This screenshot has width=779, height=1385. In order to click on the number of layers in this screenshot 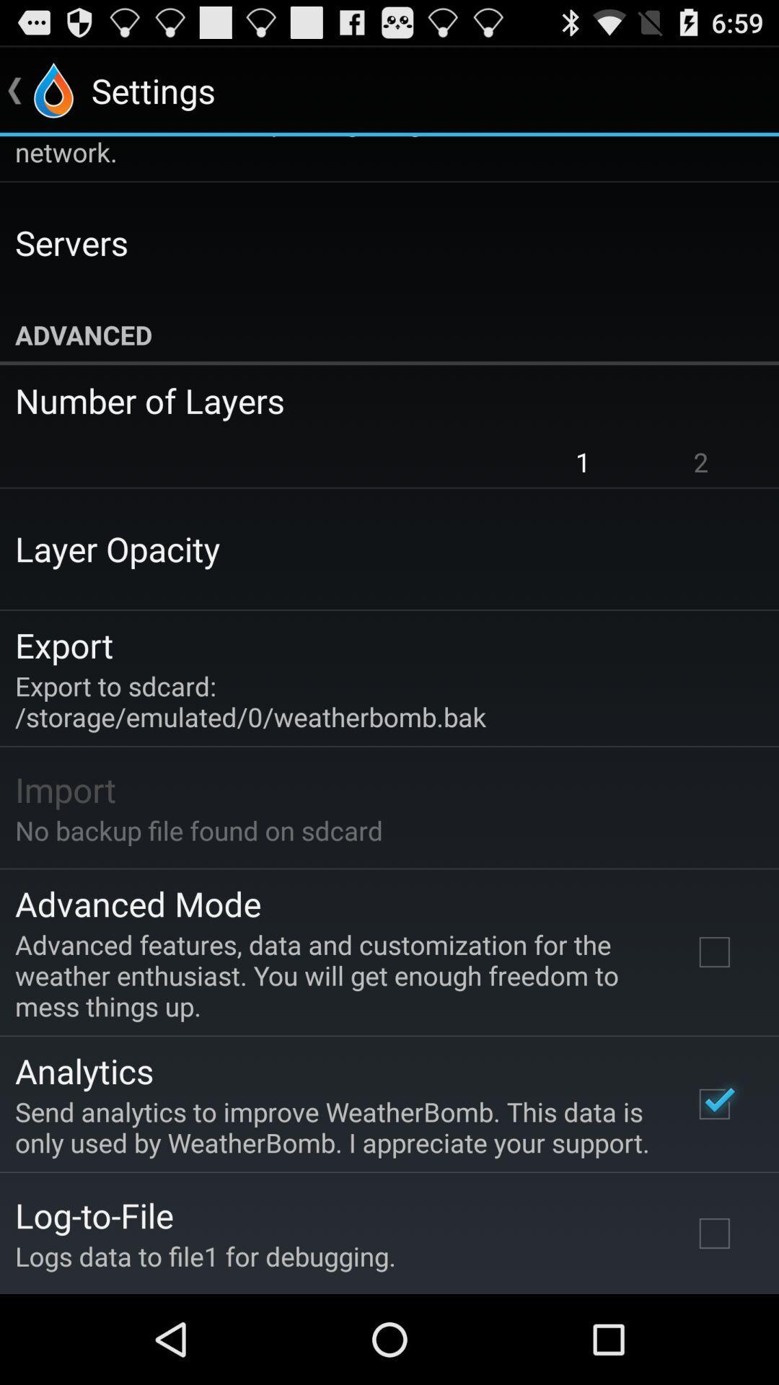, I will do `click(379, 400)`.